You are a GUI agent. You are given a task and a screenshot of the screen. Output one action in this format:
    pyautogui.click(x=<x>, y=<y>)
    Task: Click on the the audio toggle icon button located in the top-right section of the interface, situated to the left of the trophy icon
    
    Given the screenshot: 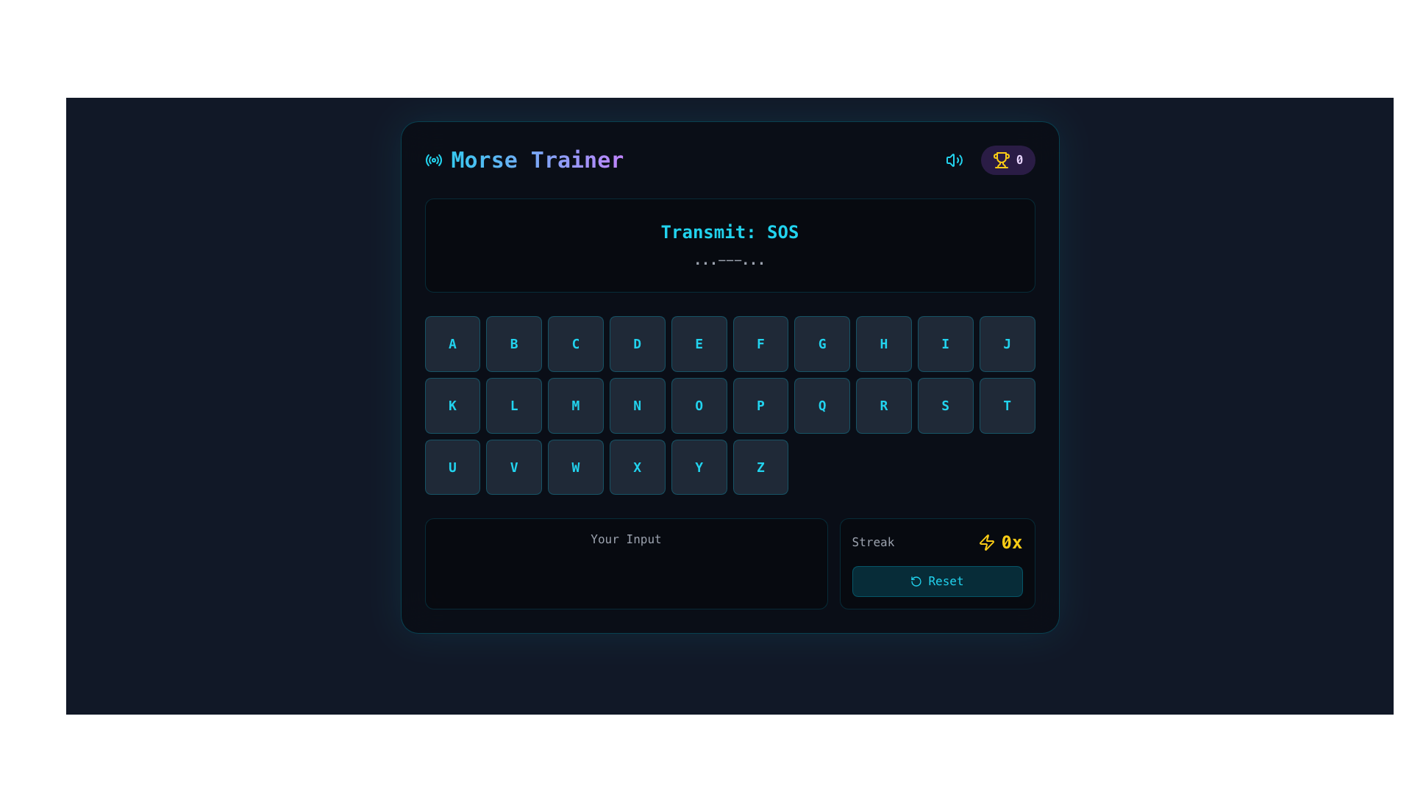 What is the action you would take?
    pyautogui.click(x=954, y=160)
    